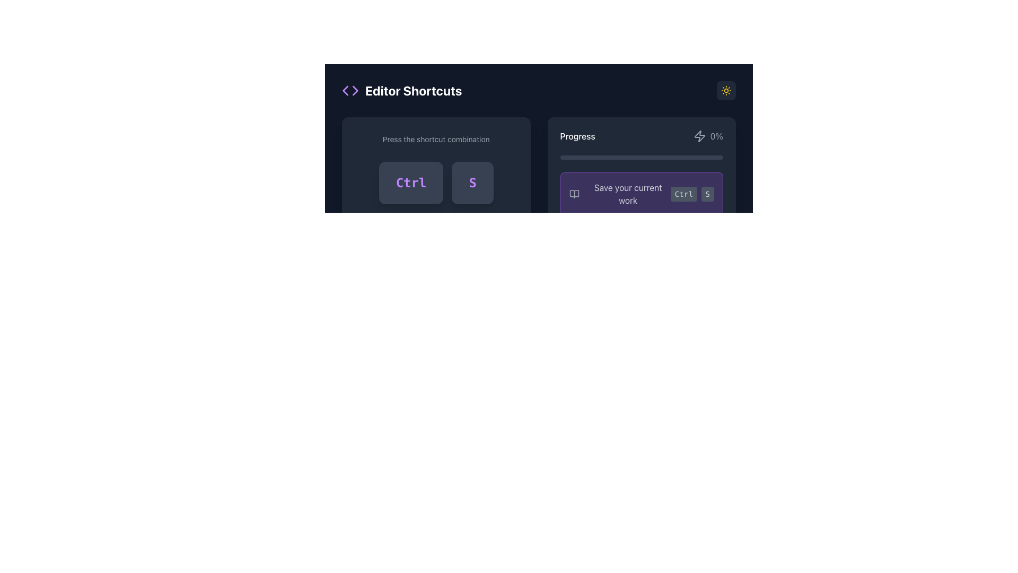 Image resolution: width=1018 pixels, height=573 pixels. What do you see at coordinates (725, 90) in the screenshot?
I see `the sun icon located at the top-right corner of the interface` at bounding box center [725, 90].